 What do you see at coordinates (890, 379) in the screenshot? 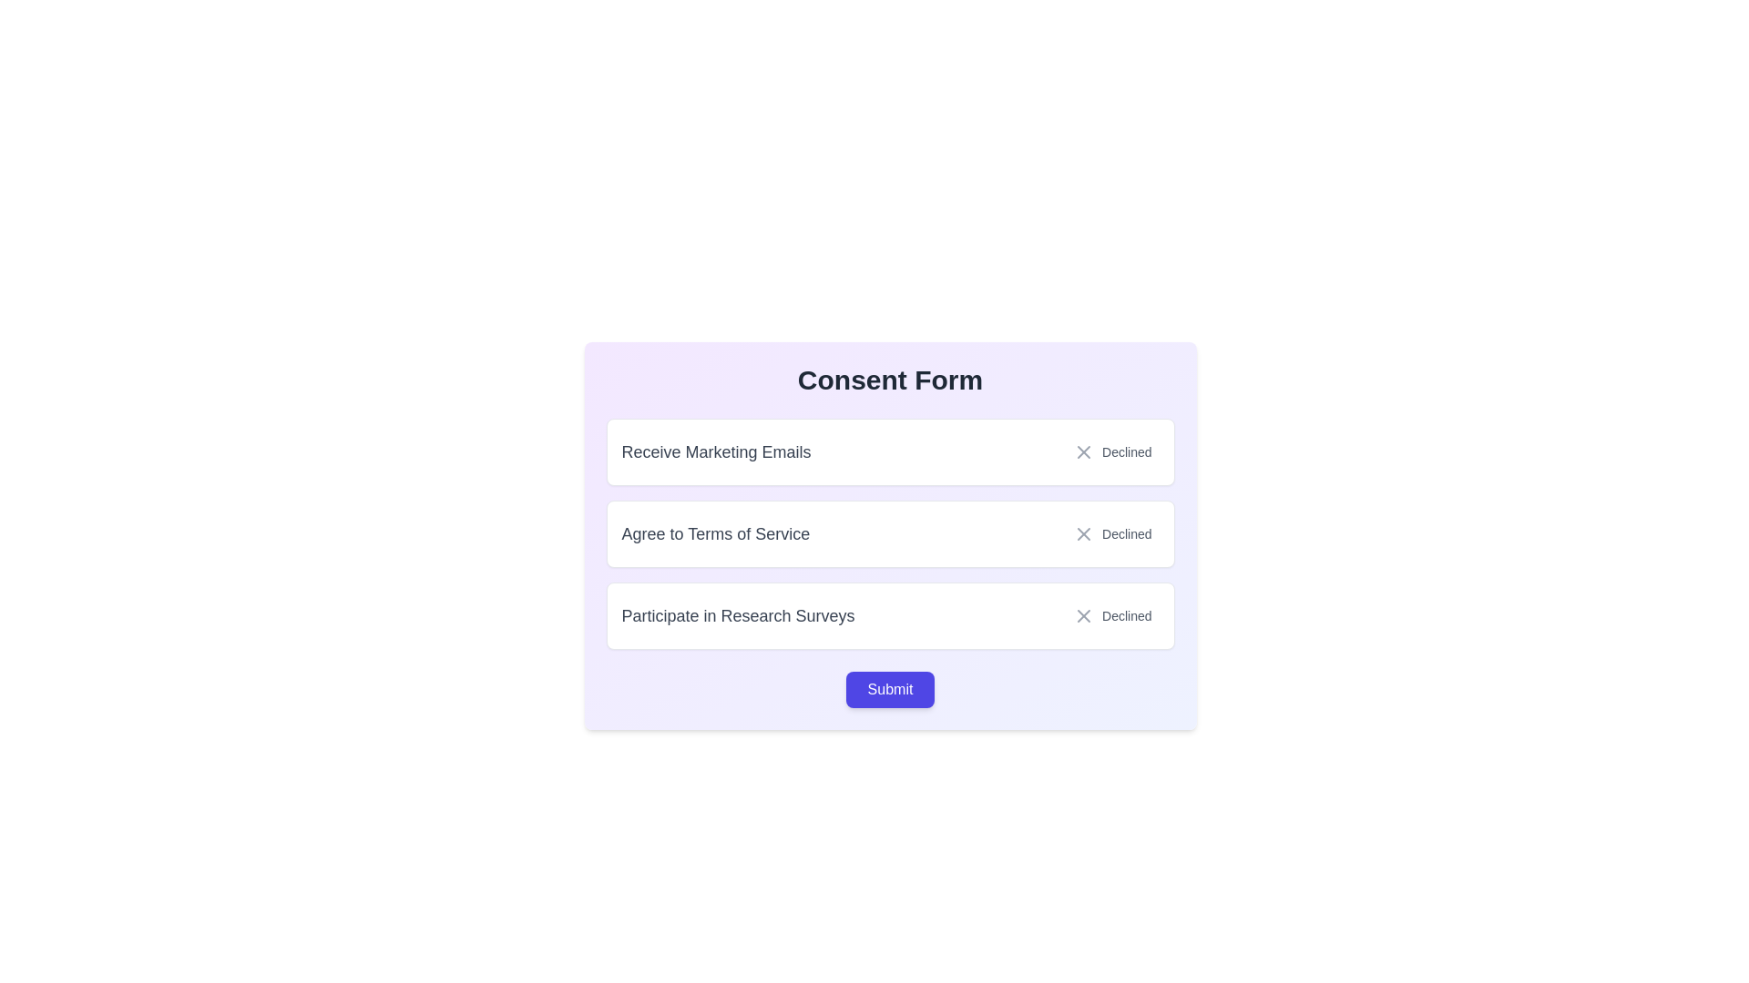
I see `centered bold text displayed in large dark gray font that reads 'Consent Form' located at the top of the panel` at bounding box center [890, 379].